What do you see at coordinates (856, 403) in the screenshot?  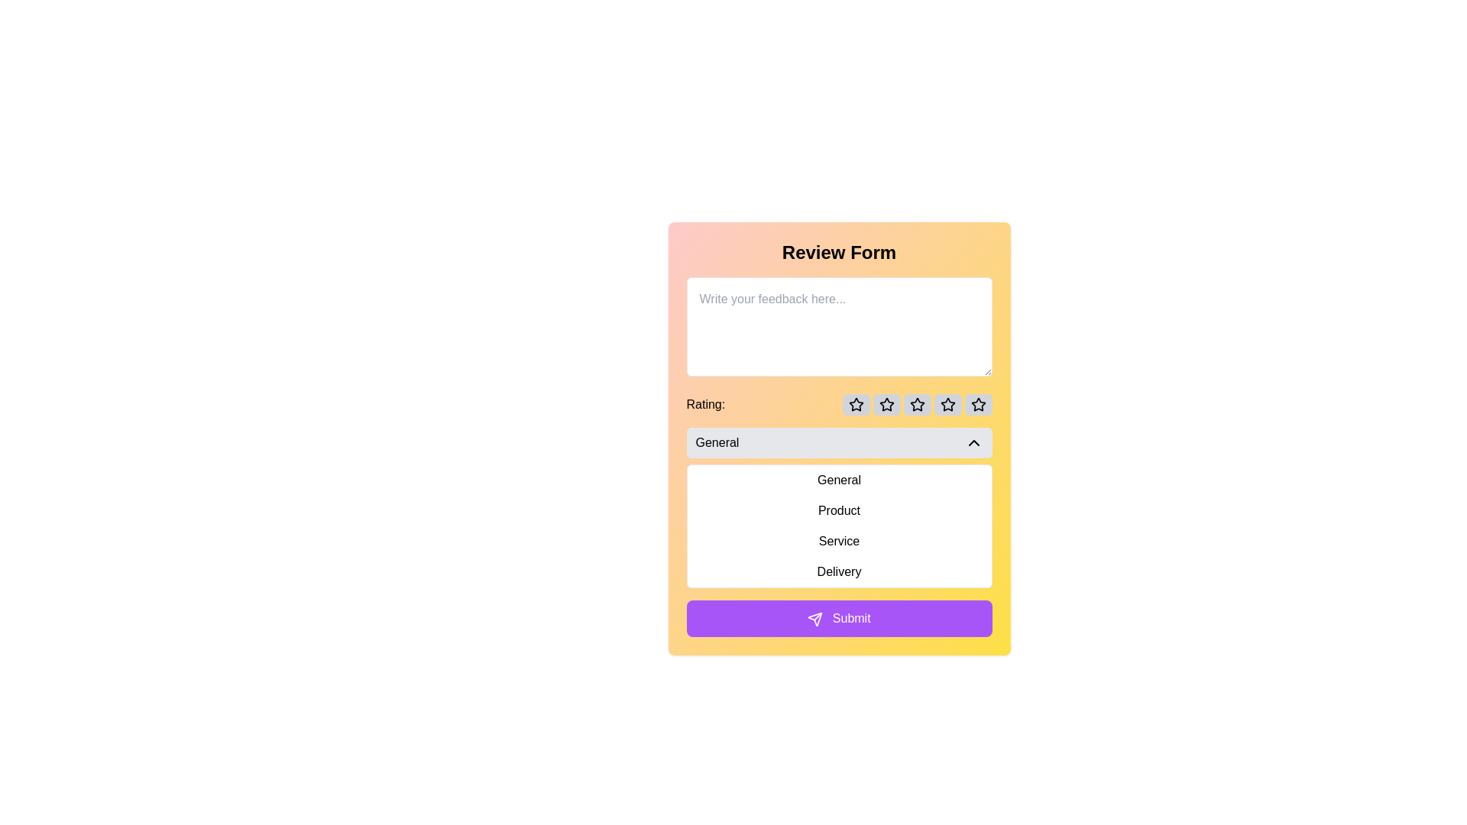 I see `the first clickable rating star icon, which is outlined in black on a gray background, located below the 'Rating' label` at bounding box center [856, 403].